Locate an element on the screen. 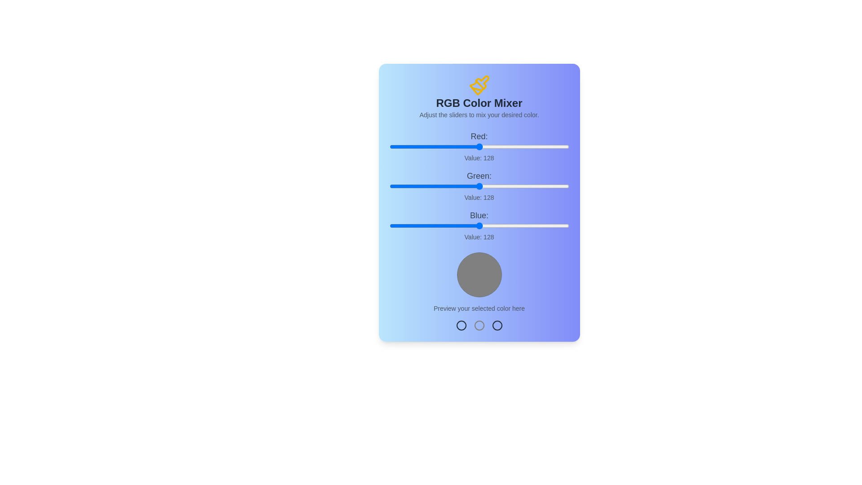 The height and width of the screenshot is (485, 862). the blue slider to set the blue component to 185 is located at coordinates (519, 225).